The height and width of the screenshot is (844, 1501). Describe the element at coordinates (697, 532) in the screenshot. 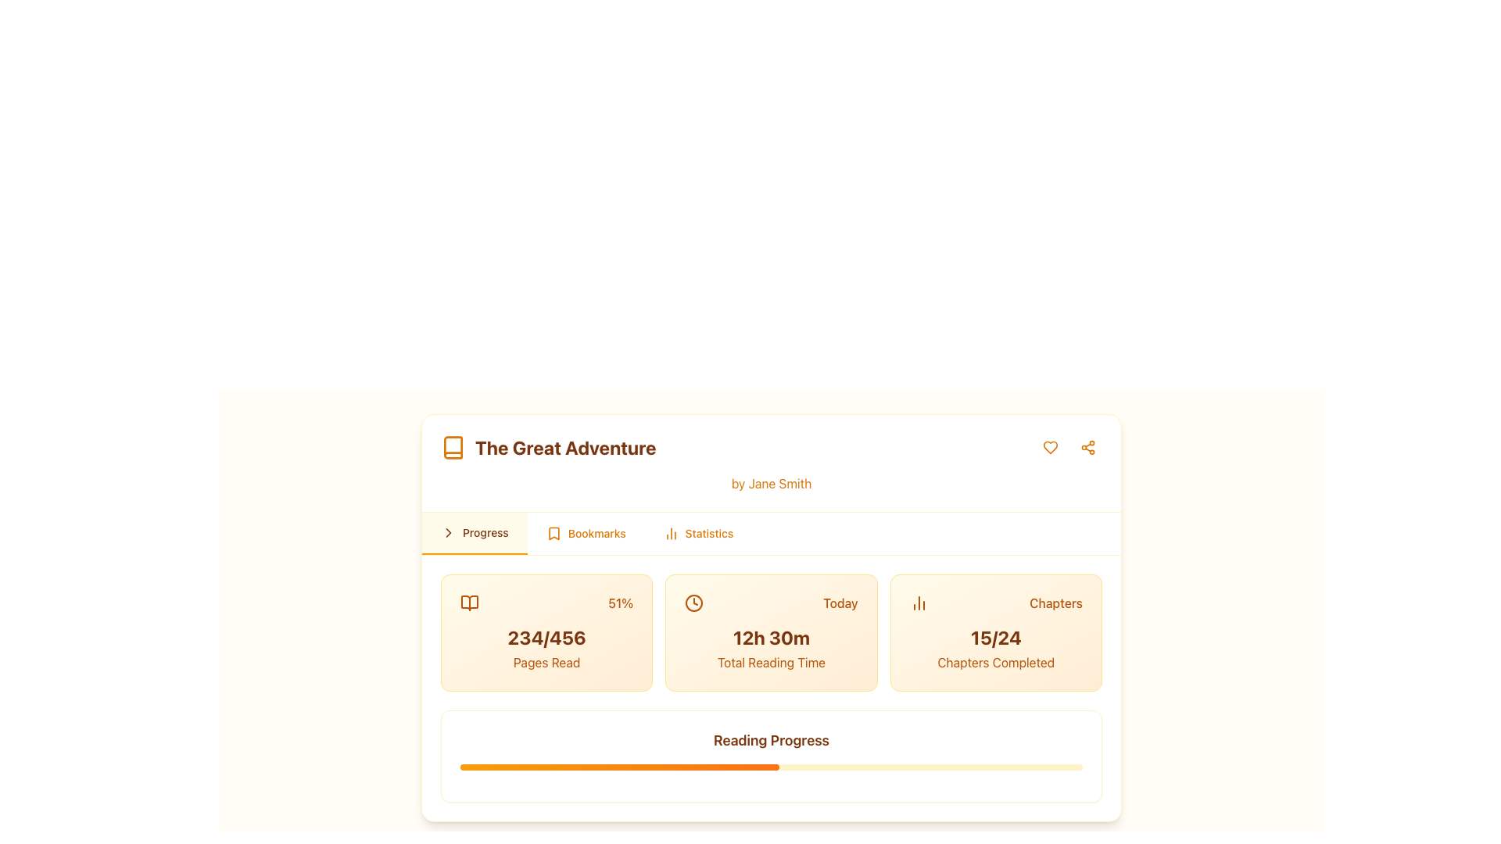

I see `the 'Statistics' navigation button located in the horizontal navigation bar to redirect the user to the statistics section` at that location.